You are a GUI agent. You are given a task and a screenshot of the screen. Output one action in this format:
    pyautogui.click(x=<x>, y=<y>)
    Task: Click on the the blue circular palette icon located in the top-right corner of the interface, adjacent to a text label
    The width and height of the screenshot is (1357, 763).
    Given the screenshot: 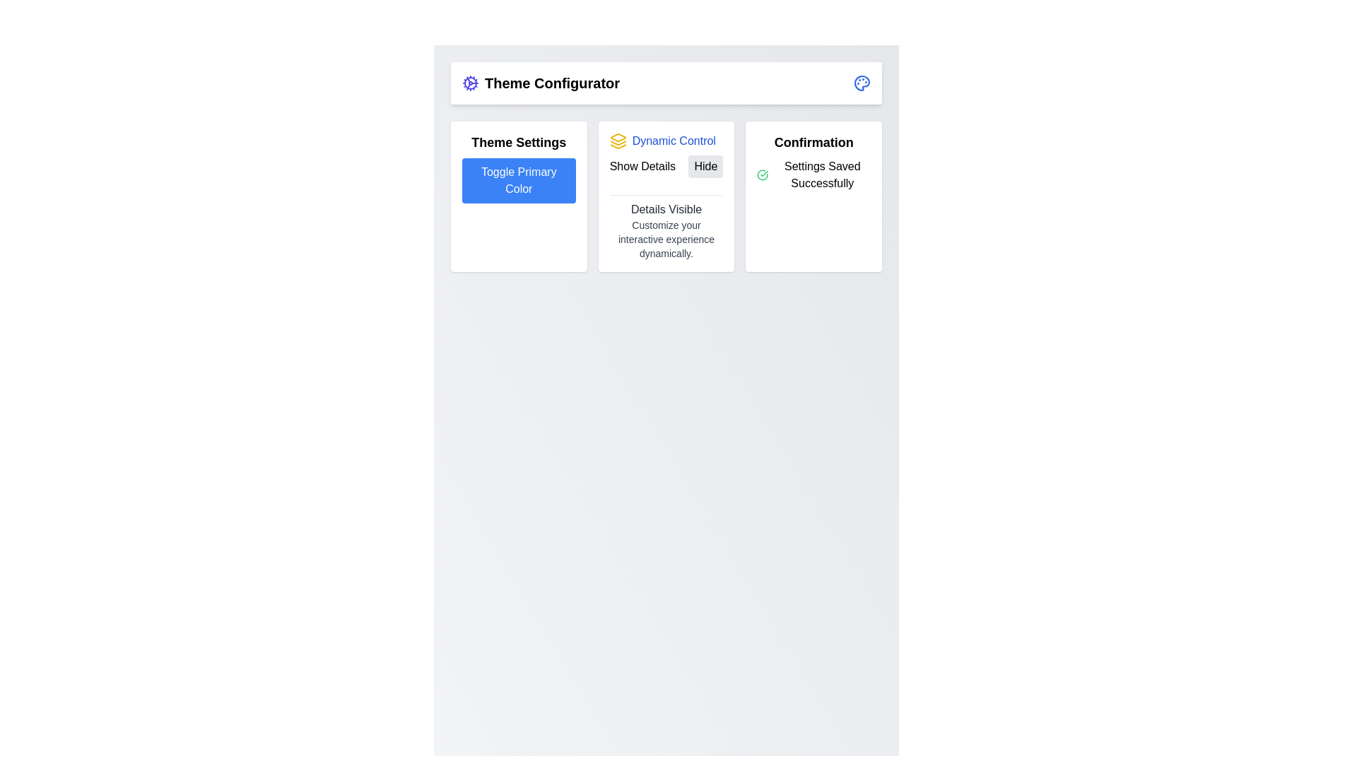 What is the action you would take?
    pyautogui.click(x=861, y=83)
    